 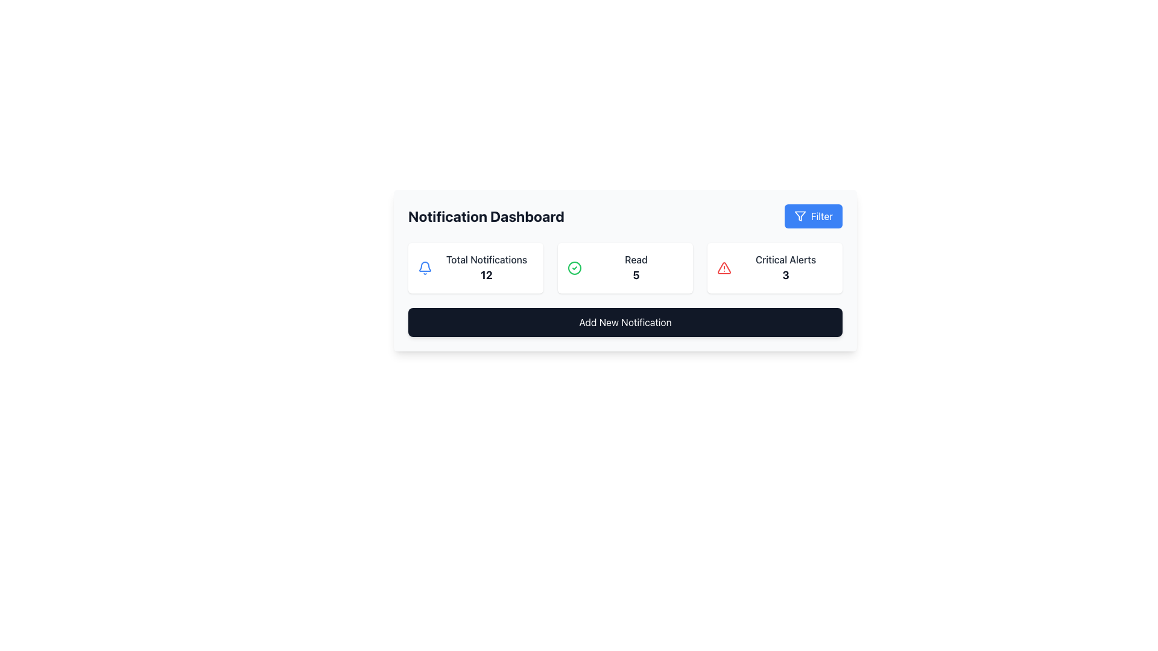 What do you see at coordinates (486, 275) in the screenshot?
I see `the Text Label displaying the total number of notifications, located below 'Total Notifications' in the left section of the interface` at bounding box center [486, 275].